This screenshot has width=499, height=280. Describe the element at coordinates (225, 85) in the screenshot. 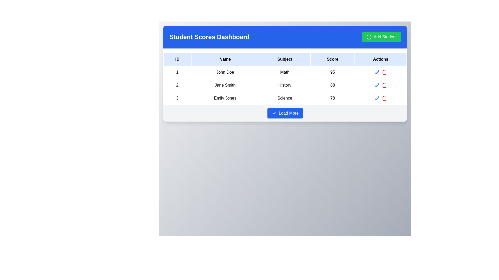

I see `the Text label displaying a name in the second row and second column of the table within the dashboard interface` at that location.